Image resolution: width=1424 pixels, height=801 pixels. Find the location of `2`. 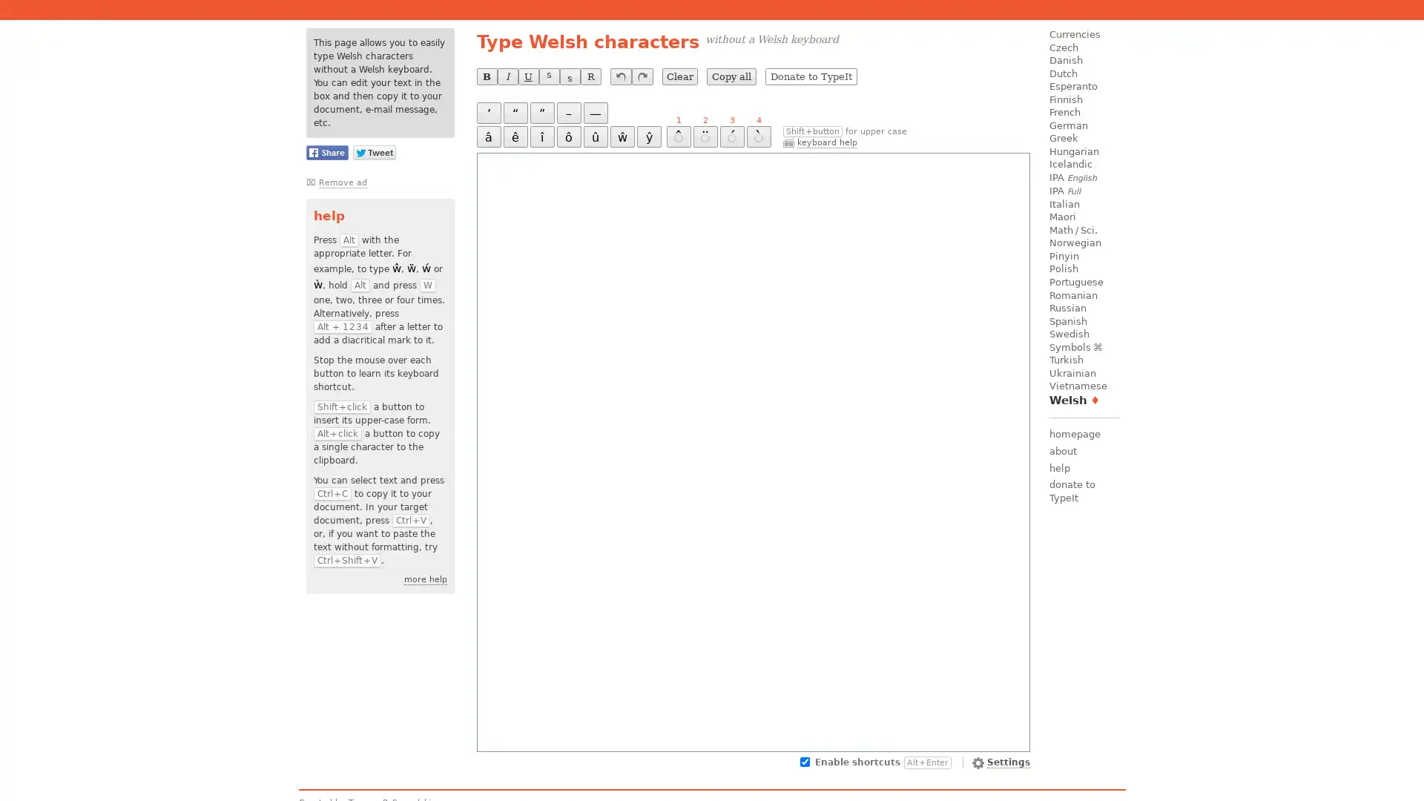

2 is located at coordinates (704, 136).